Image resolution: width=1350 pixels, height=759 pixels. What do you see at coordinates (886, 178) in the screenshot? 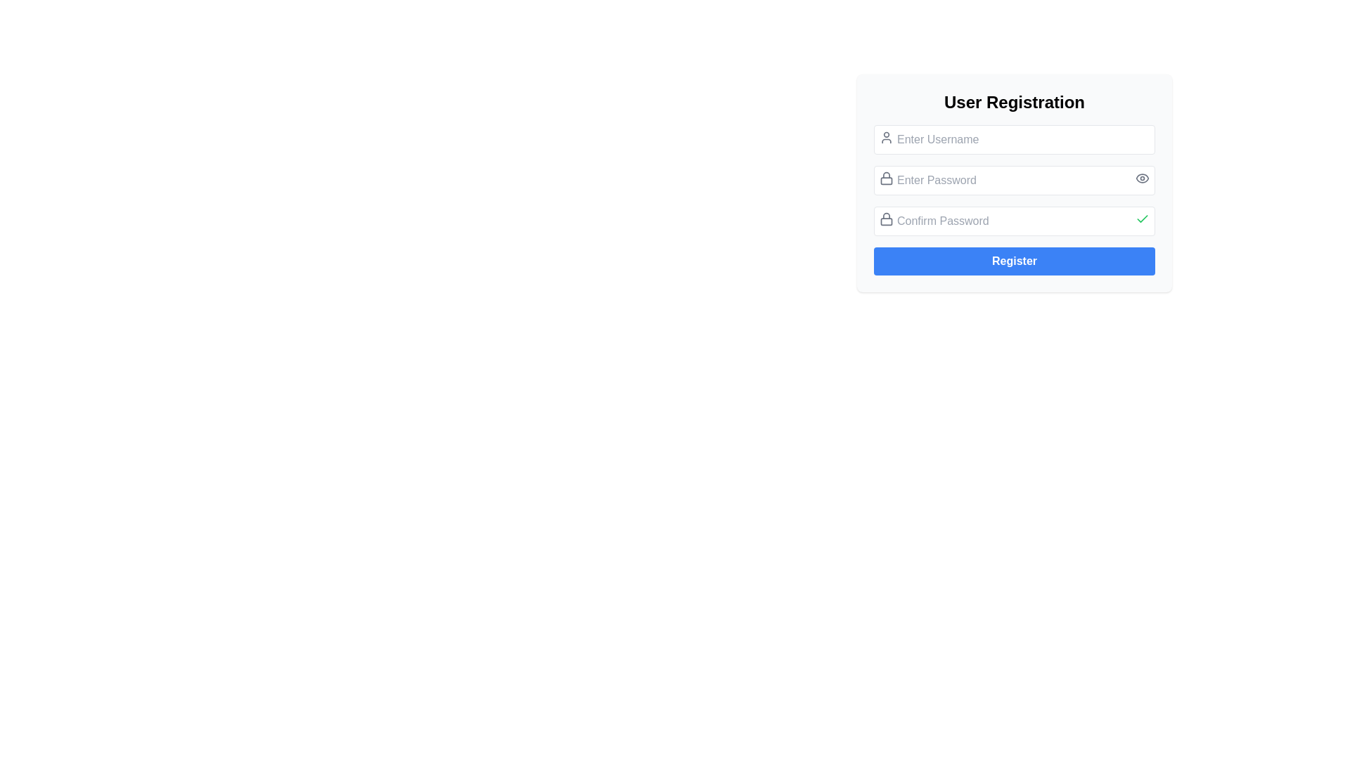
I see `the lock icon positioned to the left of the password input field labeled 'Enter Password'` at bounding box center [886, 178].